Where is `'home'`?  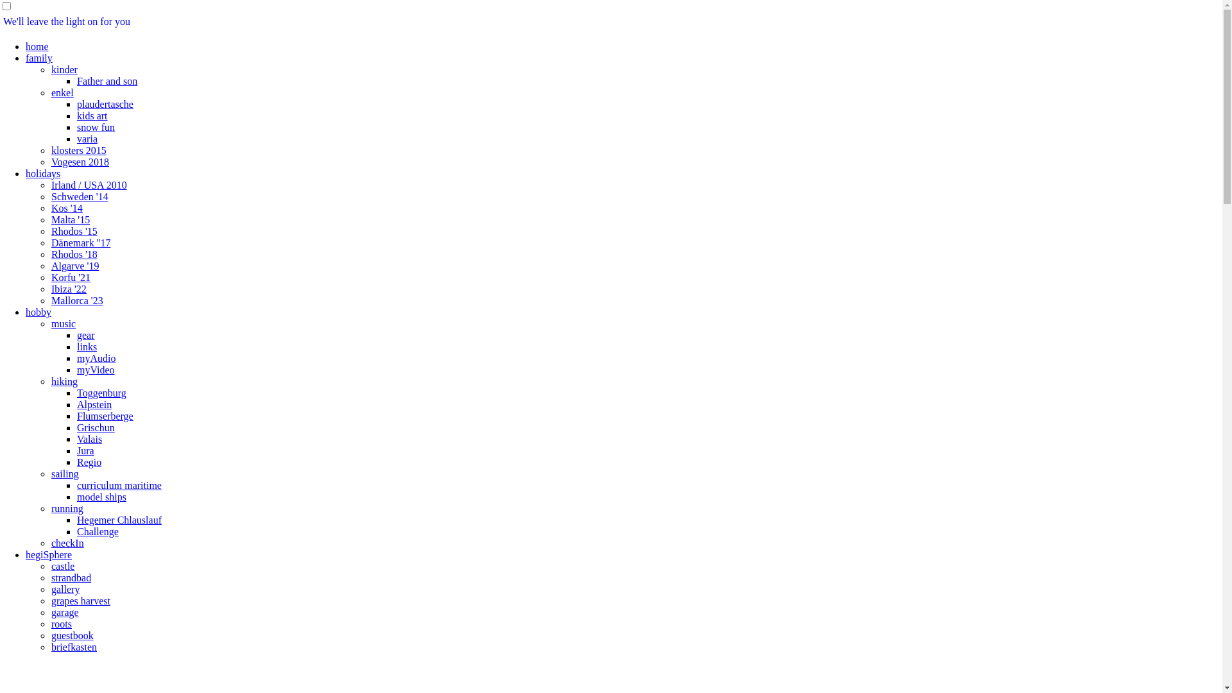 'home' is located at coordinates (37, 46).